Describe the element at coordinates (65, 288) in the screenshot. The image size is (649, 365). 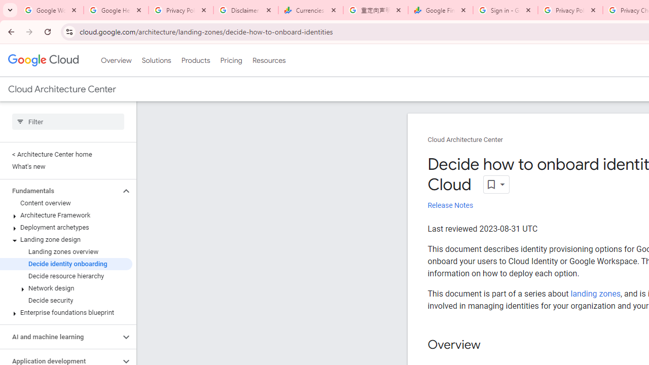
I see `'Network design'` at that location.